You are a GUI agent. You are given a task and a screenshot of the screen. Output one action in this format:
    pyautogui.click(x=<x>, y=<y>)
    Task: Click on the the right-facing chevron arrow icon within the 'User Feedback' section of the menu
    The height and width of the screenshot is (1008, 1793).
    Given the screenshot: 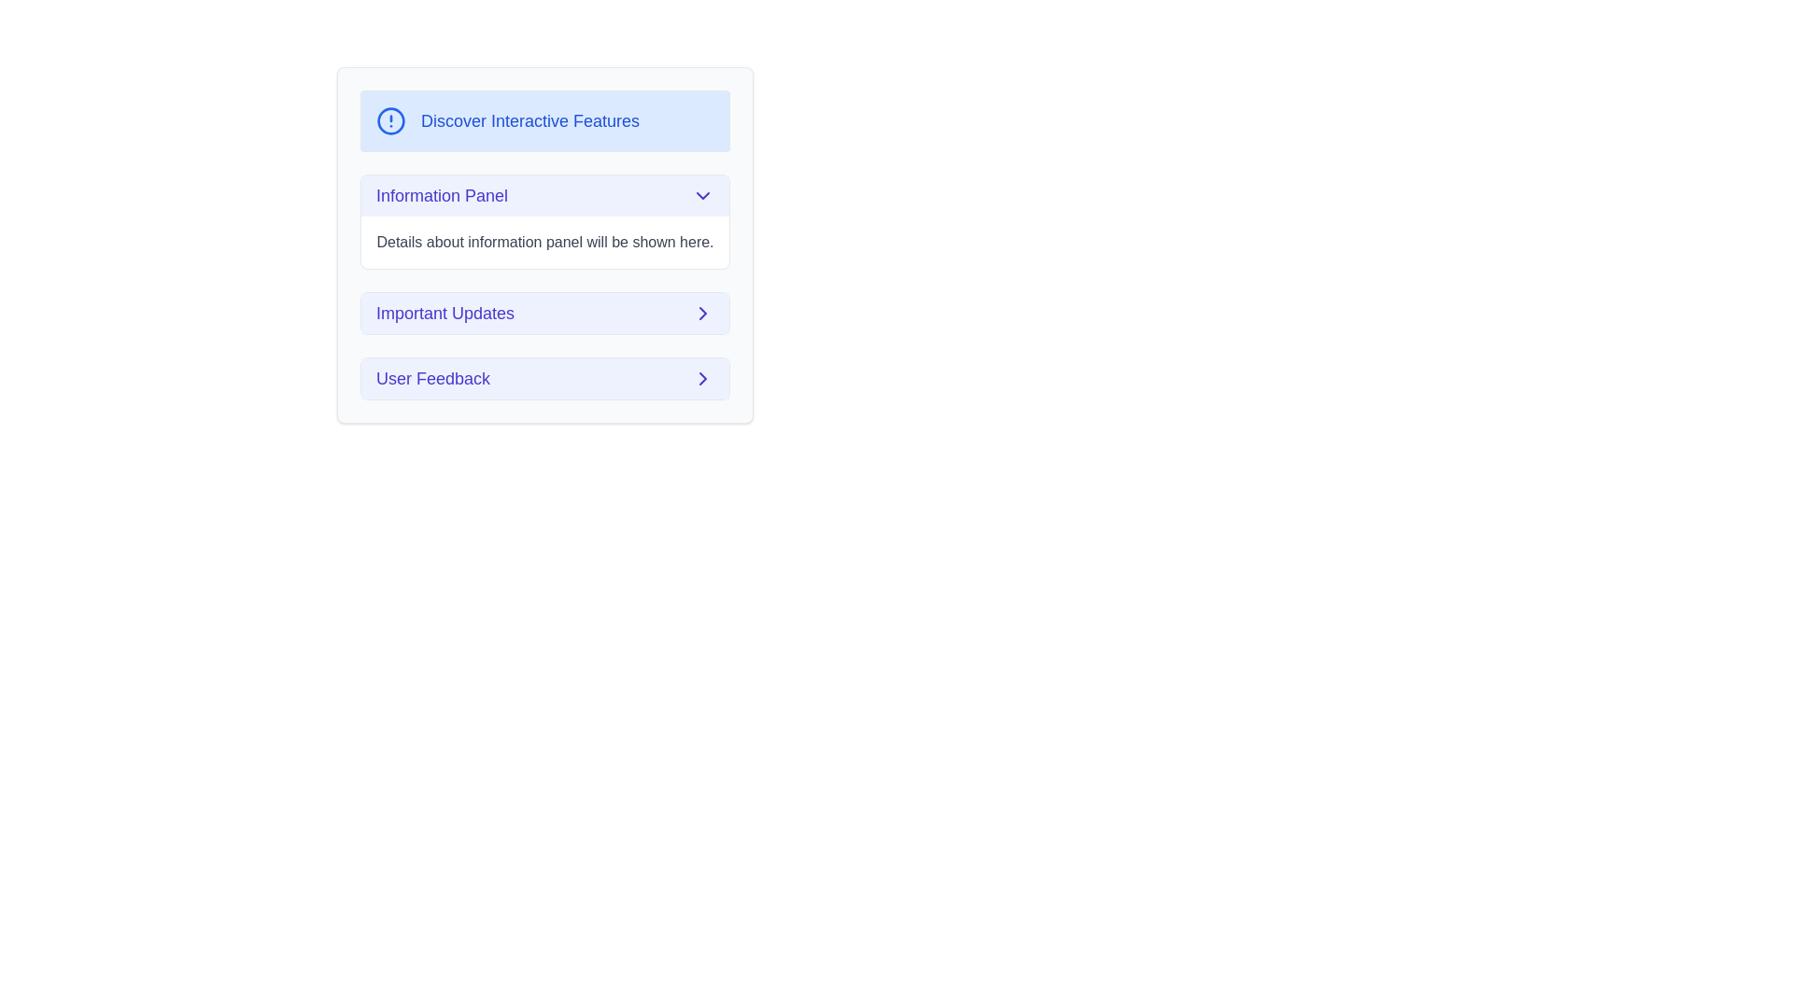 What is the action you would take?
    pyautogui.click(x=702, y=312)
    